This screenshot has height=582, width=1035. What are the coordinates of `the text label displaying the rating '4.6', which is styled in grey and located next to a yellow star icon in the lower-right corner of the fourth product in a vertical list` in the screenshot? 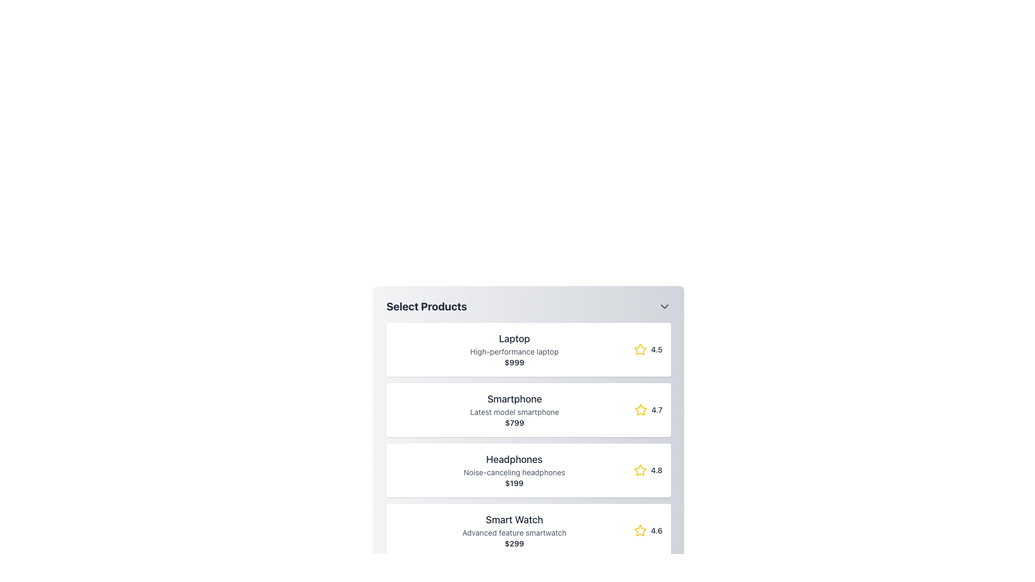 It's located at (656, 530).